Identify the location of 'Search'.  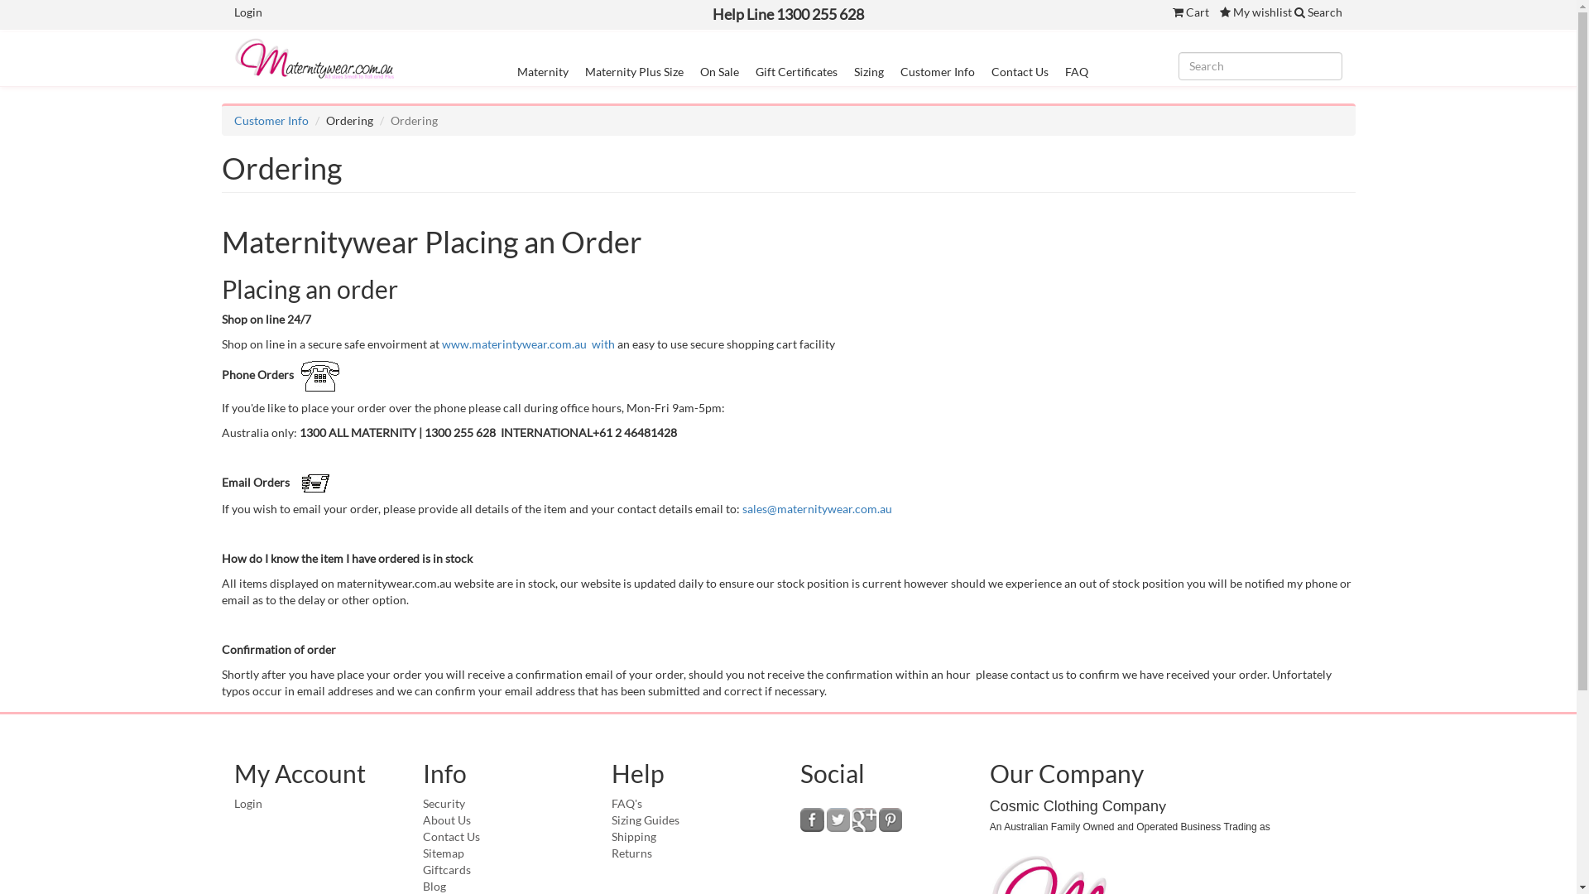
(1294, 12).